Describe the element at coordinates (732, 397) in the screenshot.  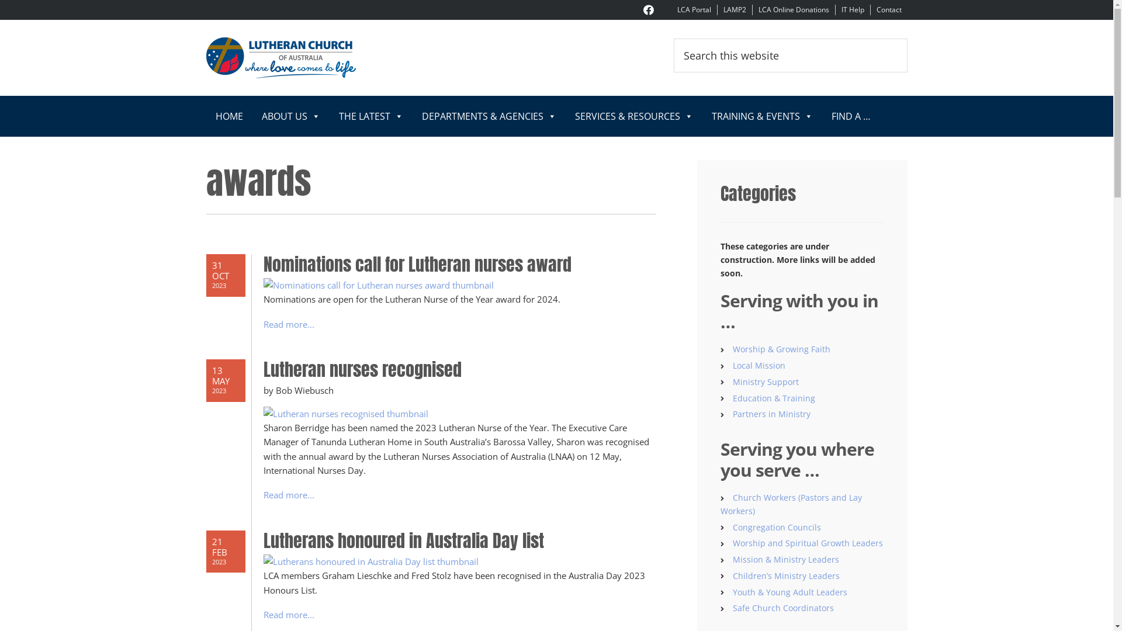
I see `'Education & Training'` at that location.